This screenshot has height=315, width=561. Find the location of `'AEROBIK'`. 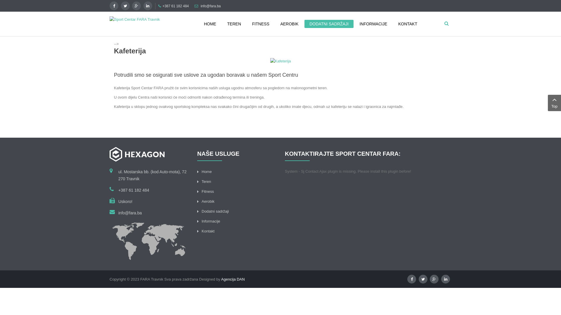

'AEROBIK' is located at coordinates (289, 23).